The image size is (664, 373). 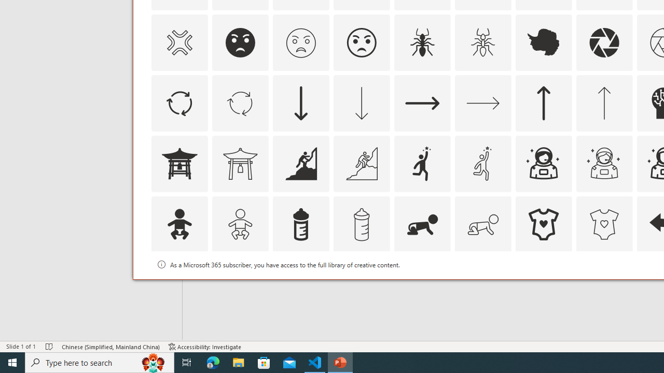 I want to click on 'AutomationID: Icons_AsianTemple1', so click(x=179, y=163).